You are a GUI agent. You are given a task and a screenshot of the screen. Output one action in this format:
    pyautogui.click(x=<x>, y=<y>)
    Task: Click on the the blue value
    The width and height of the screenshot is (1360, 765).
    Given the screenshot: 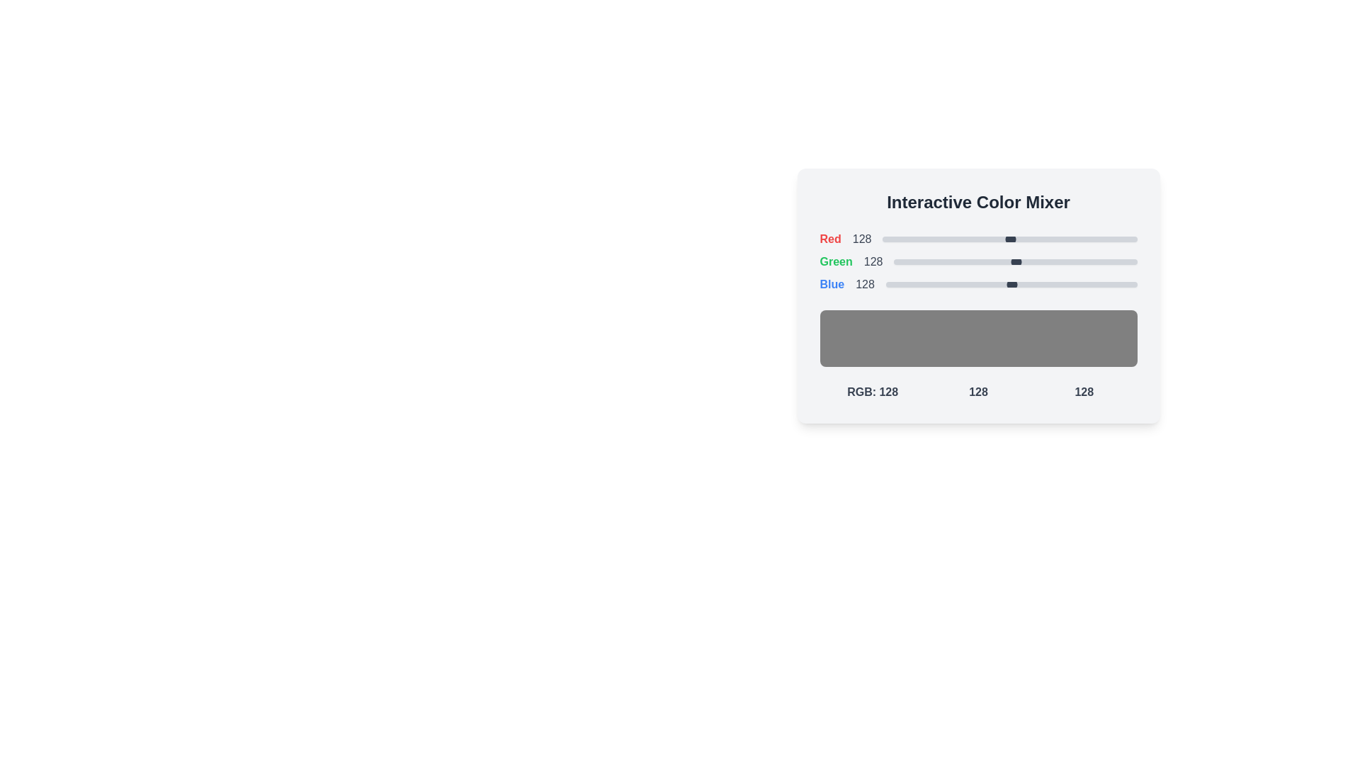 What is the action you would take?
    pyautogui.click(x=1012, y=284)
    